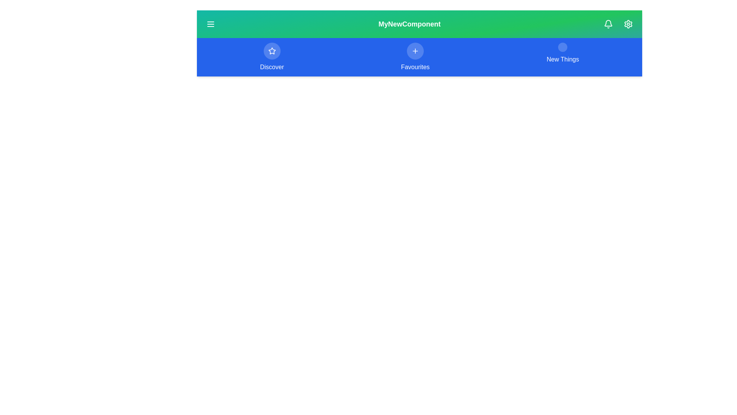 This screenshot has height=415, width=737. I want to click on the Discover icon in the menu options, so click(272, 51).